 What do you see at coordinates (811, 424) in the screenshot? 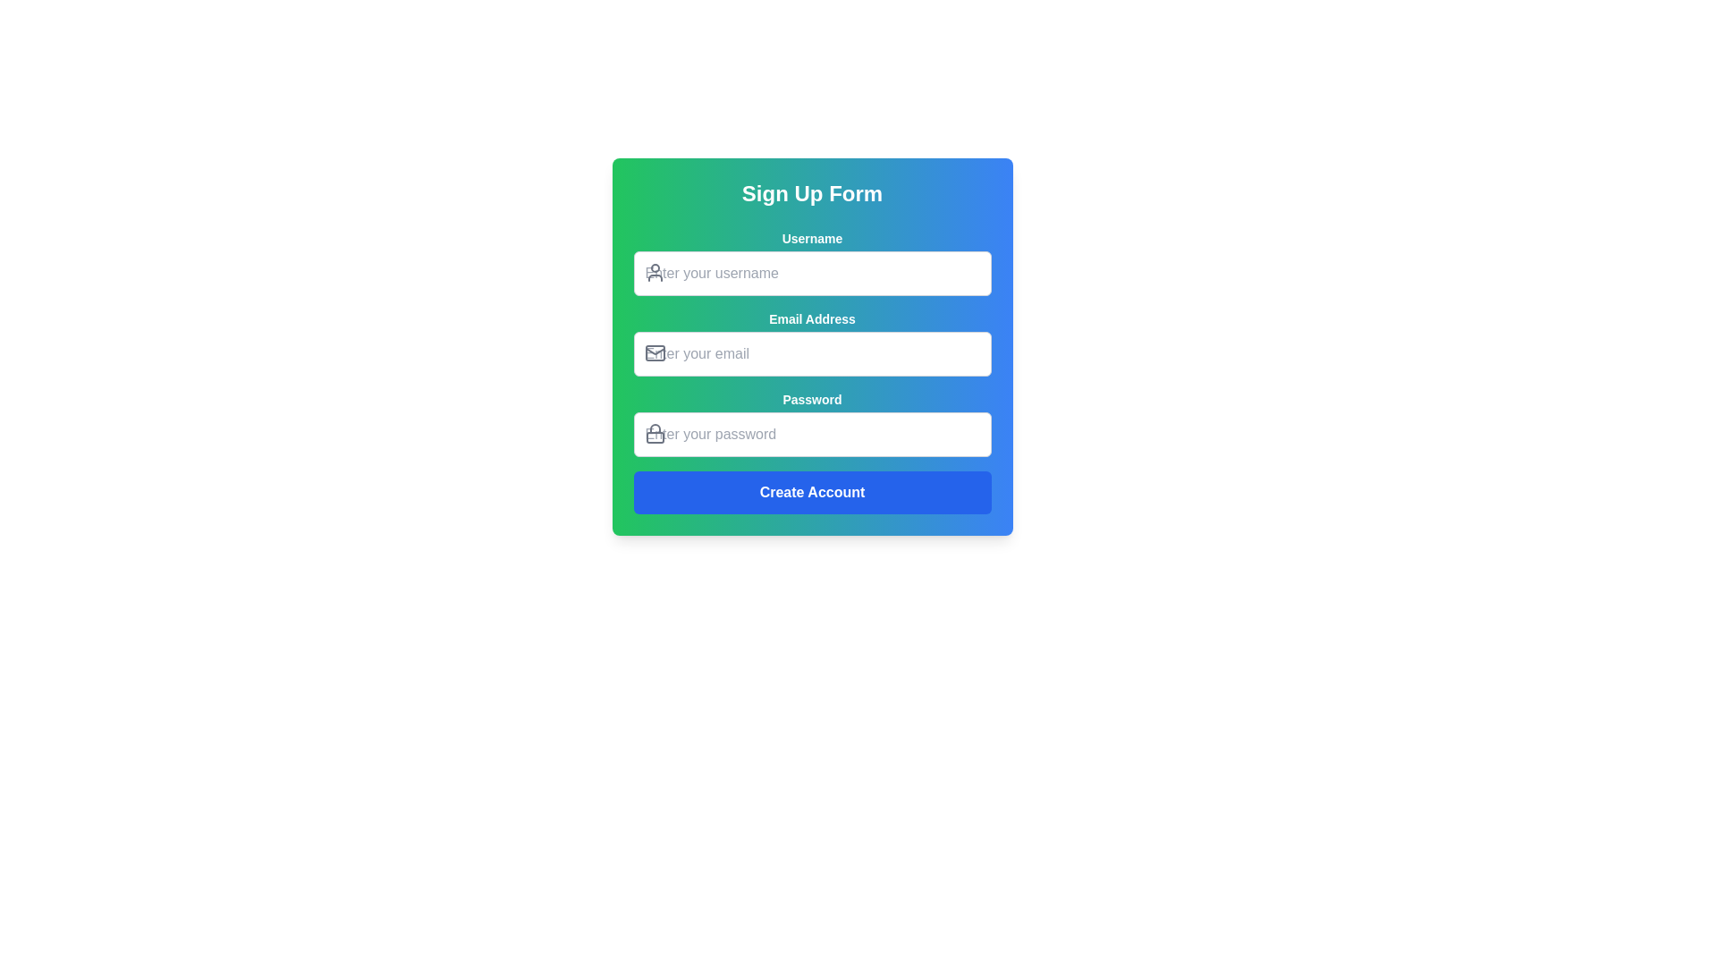
I see `the password input field, which is the third input field in the form layout, to interact with any tooltip that may appear` at bounding box center [811, 424].